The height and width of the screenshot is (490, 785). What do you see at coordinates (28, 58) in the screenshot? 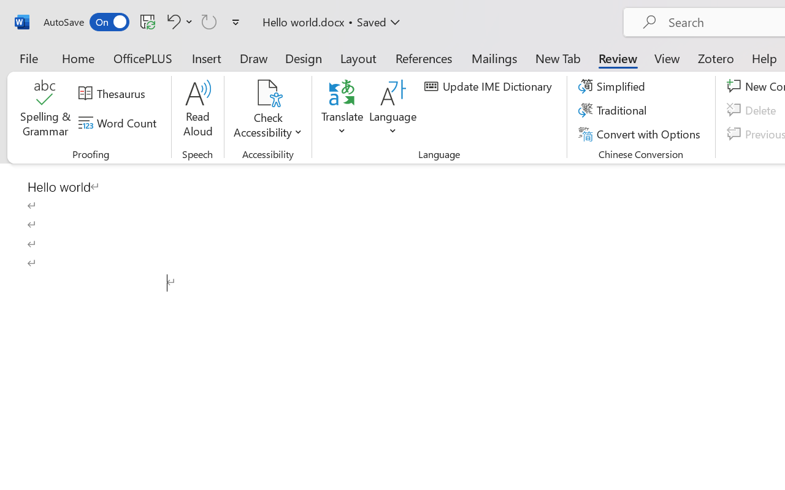
I see `'File Tab'` at bounding box center [28, 58].